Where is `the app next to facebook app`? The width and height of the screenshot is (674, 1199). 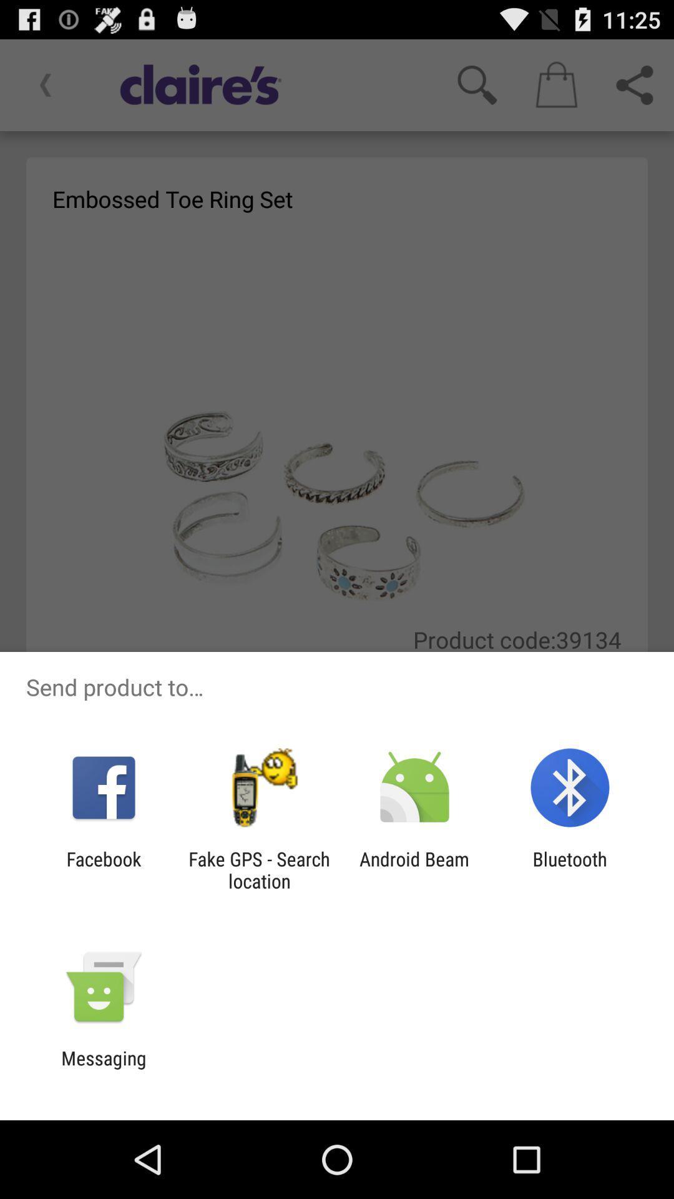
the app next to facebook app is located at coordinates (258, 869).